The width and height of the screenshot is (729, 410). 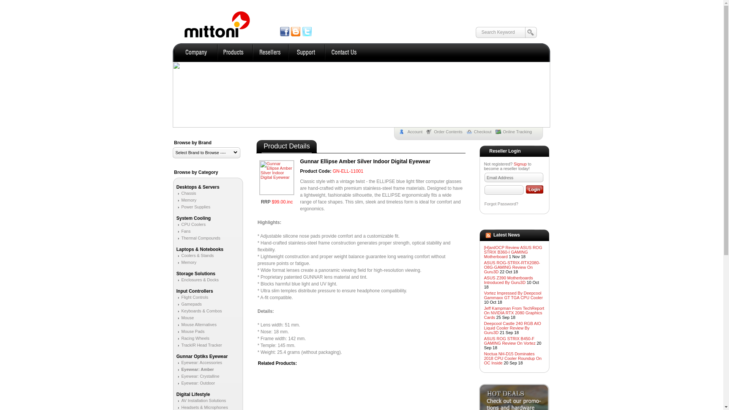 What do you see at coordinates (185, 318) in the screenshot?
I see `'Mouse'` at bounding box center [185, 318].